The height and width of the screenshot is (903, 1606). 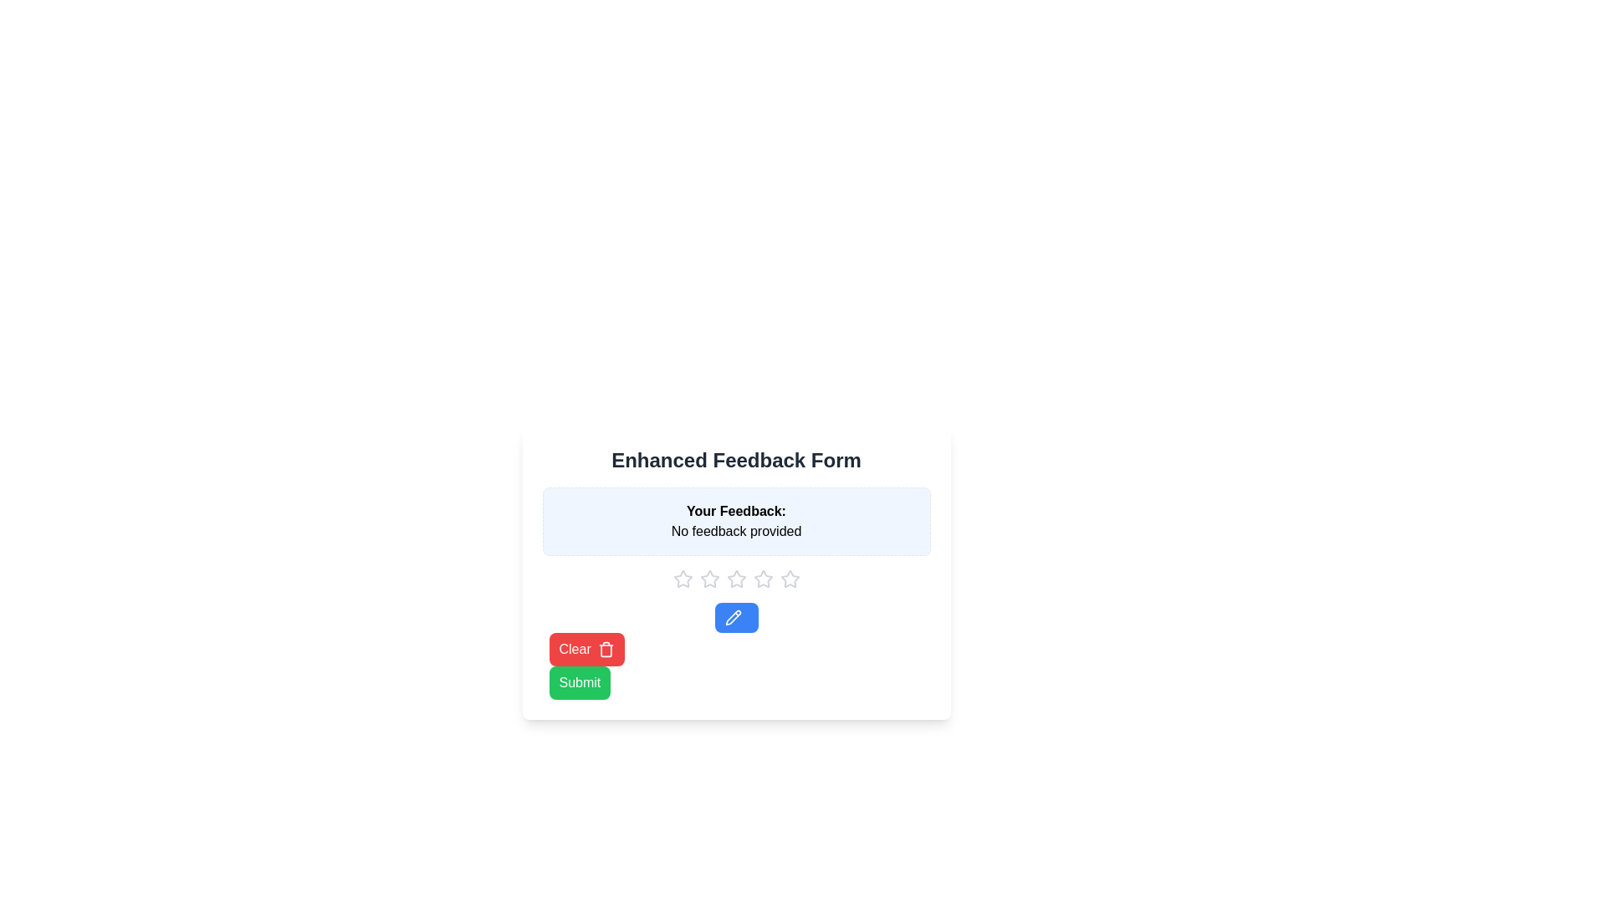 What do you see at coordinates (789, 579) in the screenshot?
I see `the fifth star icon in the rating system located below the 'Your Feedback:' text area` at bounding box center [789, 579].